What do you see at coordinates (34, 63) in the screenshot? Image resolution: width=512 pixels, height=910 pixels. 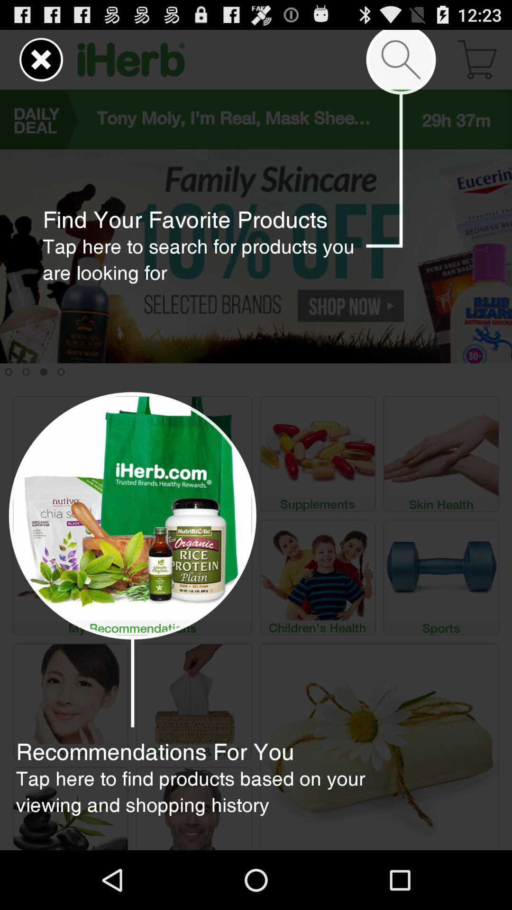 I see `the close icon` at bounding box center [34, 63].